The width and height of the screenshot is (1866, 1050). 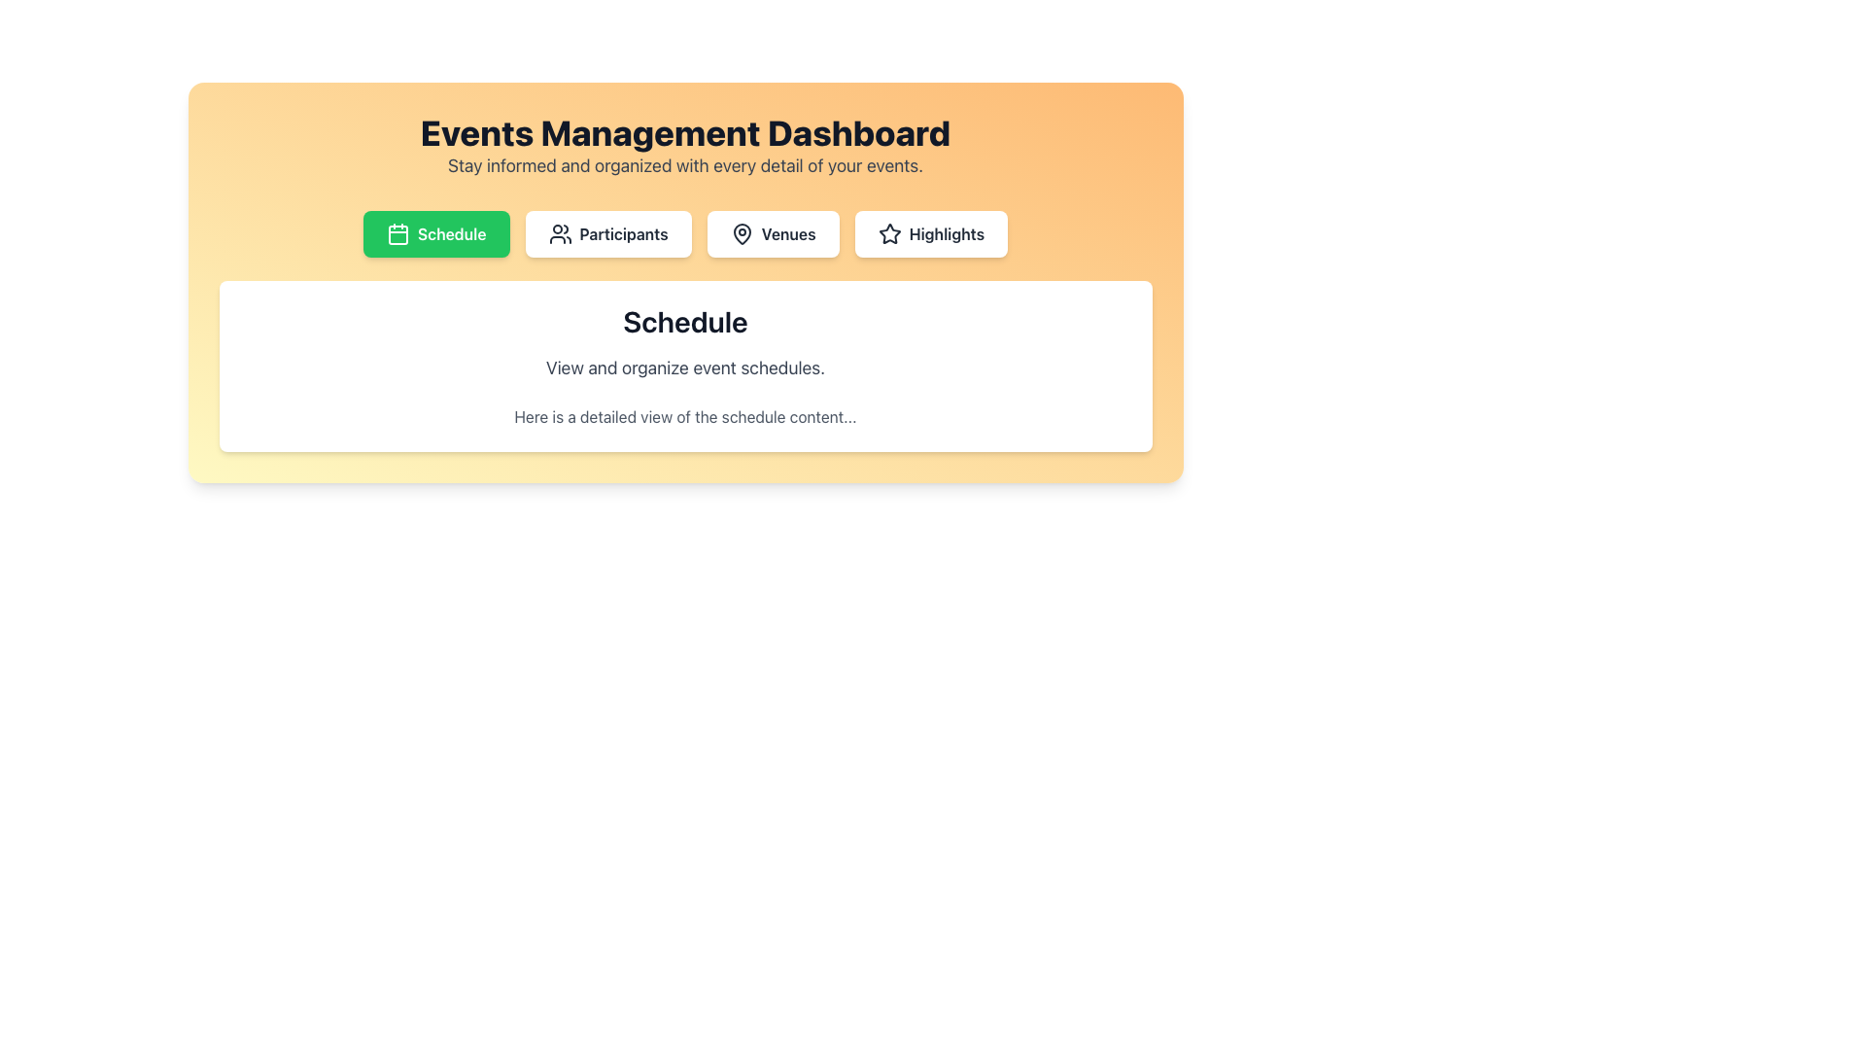 I want to click on the 'Schedule' icon, which is represented by a calendar and is the leftmost item in the row of buttons at the top section of the interface, so click(x=397, y=232).